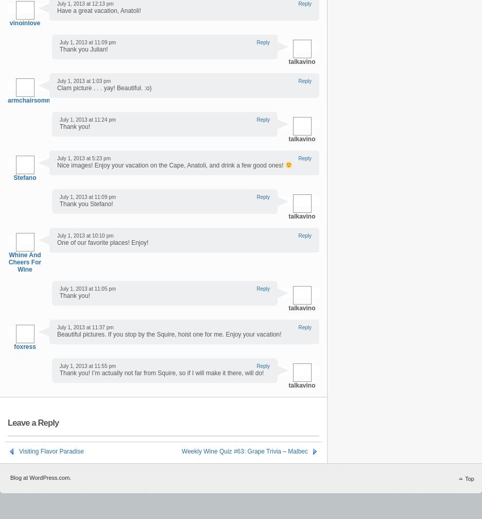 The image size is (482, 519). Describe the element at coordinates (87, 119) in the screenshot. I see `'July 1, 2013 at 11:24 pm'` at that location.